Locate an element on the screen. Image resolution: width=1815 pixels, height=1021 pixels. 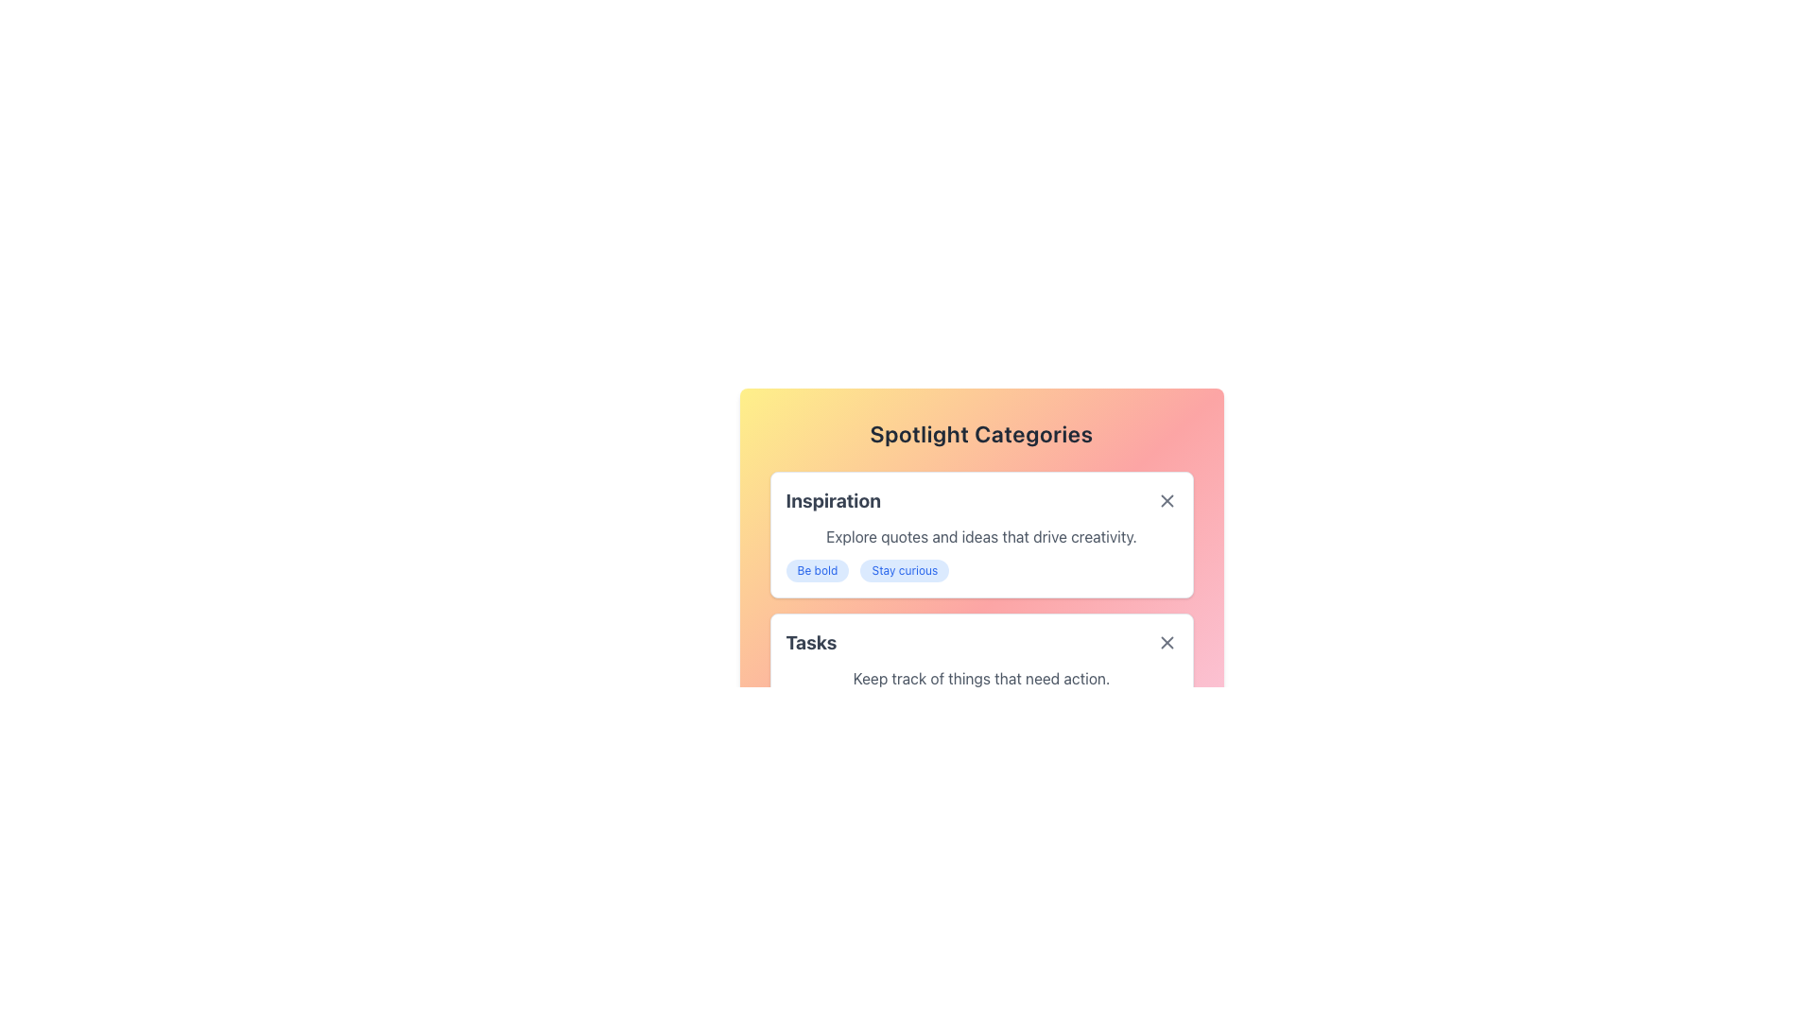
the close button located in the top-right corner of the 'Inspiration' card is located at coordinates (1166, 499).